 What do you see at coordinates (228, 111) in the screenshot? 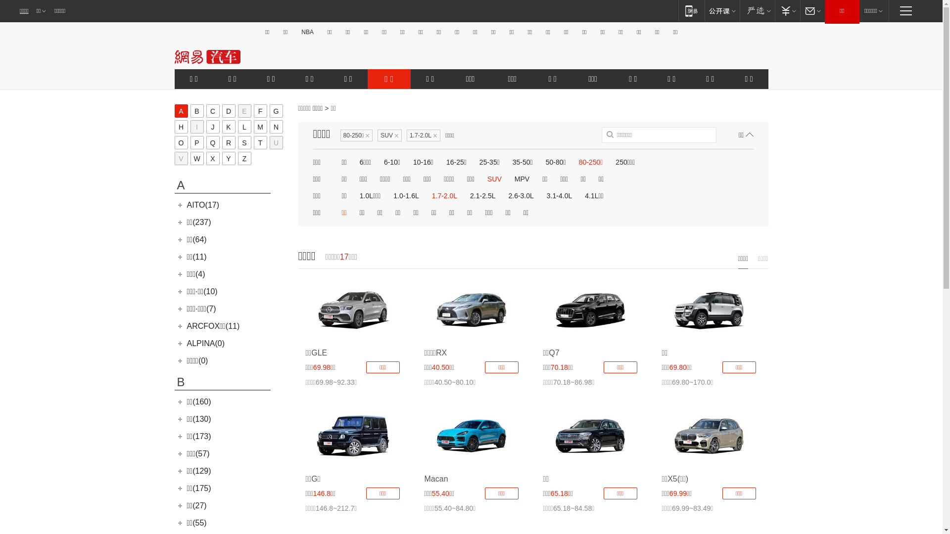
I see `'D'` at bounding box center [228, 111].